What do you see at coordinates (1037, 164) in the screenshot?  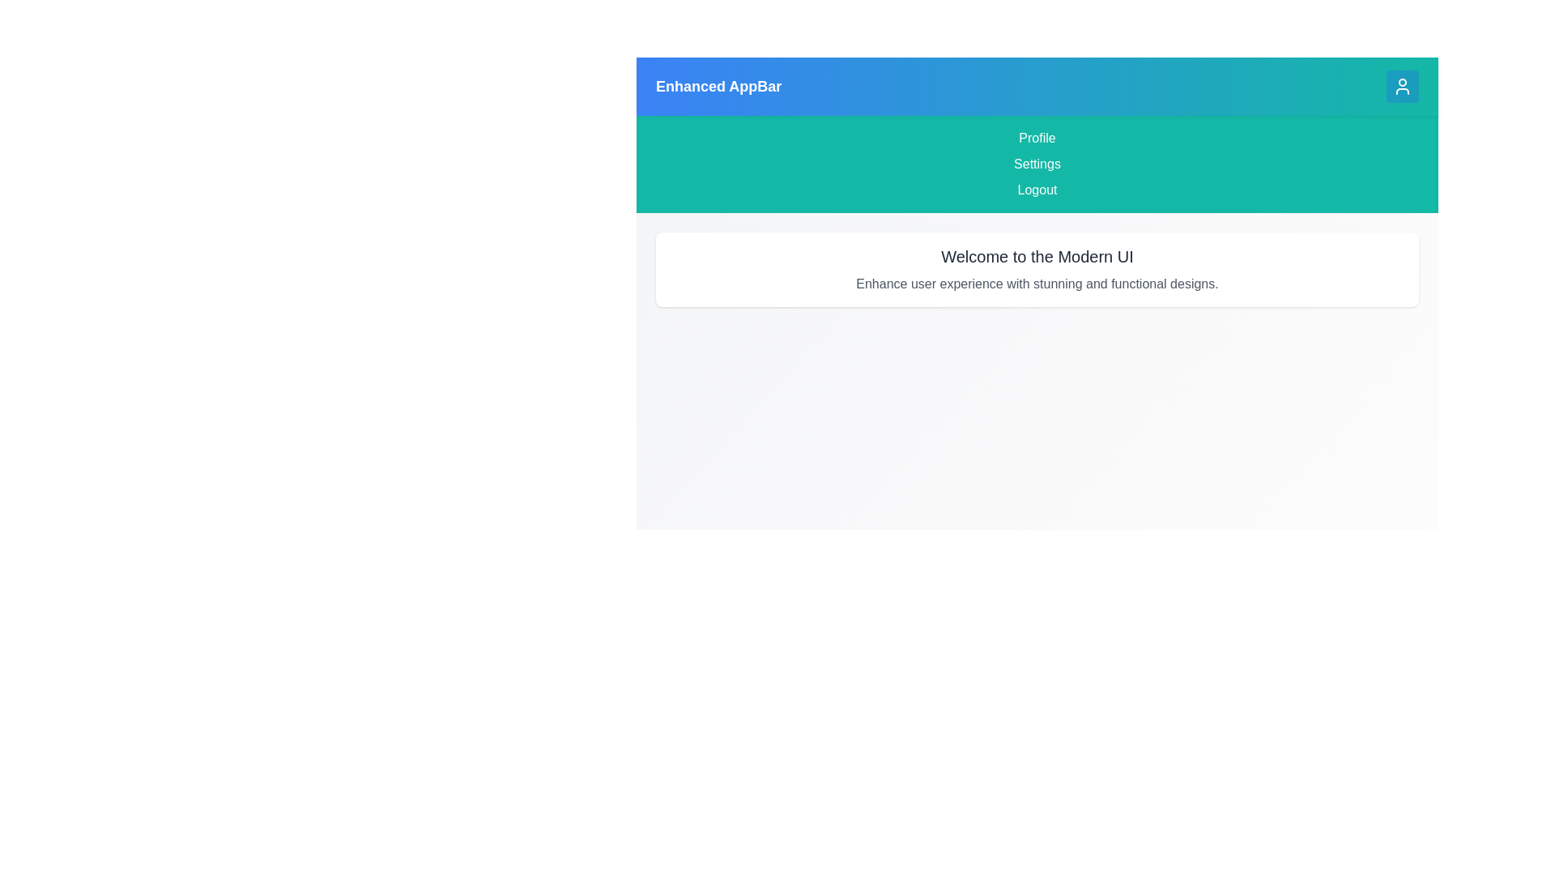 I see `the menu item Settings from the menu` at bounding box center [1037, 164].